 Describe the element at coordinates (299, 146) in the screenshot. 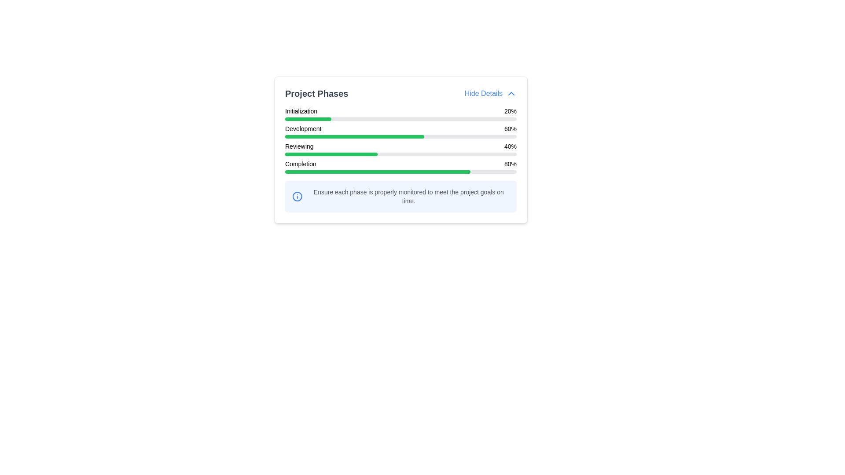

I see `the 'Reviewing' text label within the 'Project Phases' section, which indicates the progression bar for the reviewing phase of a project` at that location.